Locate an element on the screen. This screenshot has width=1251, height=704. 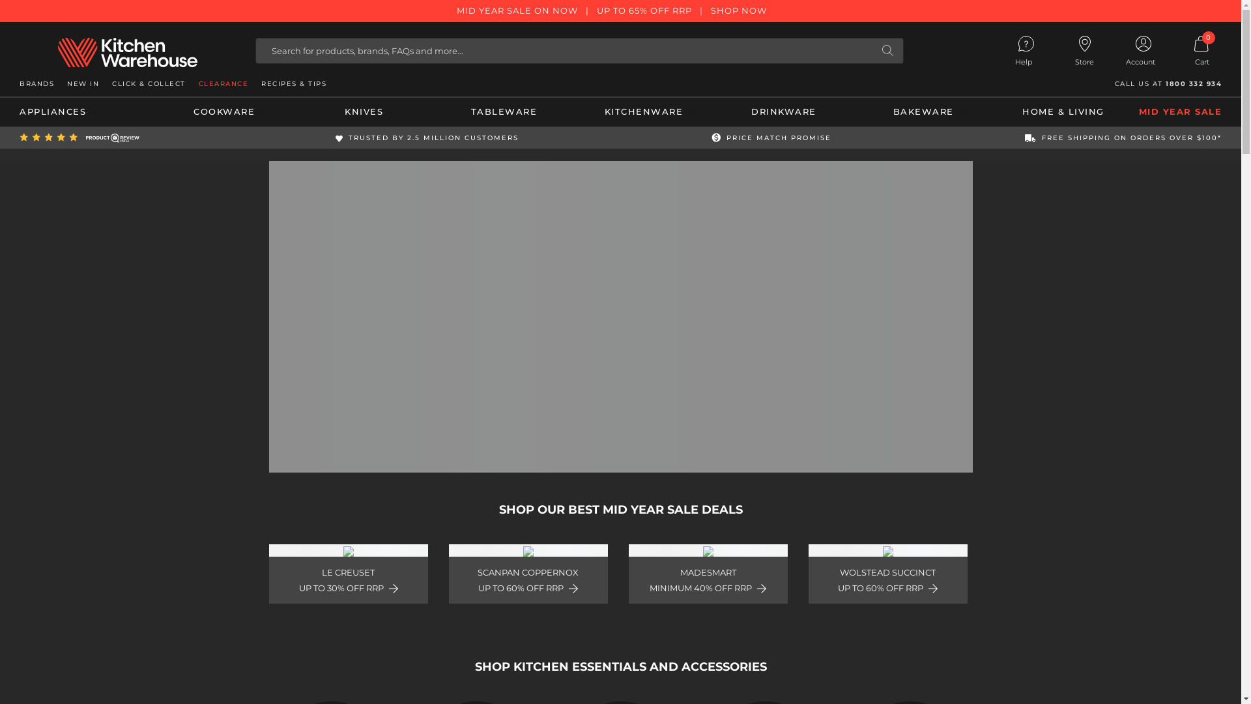
'KITCHENWARE' is located at coordinates (649, 111).